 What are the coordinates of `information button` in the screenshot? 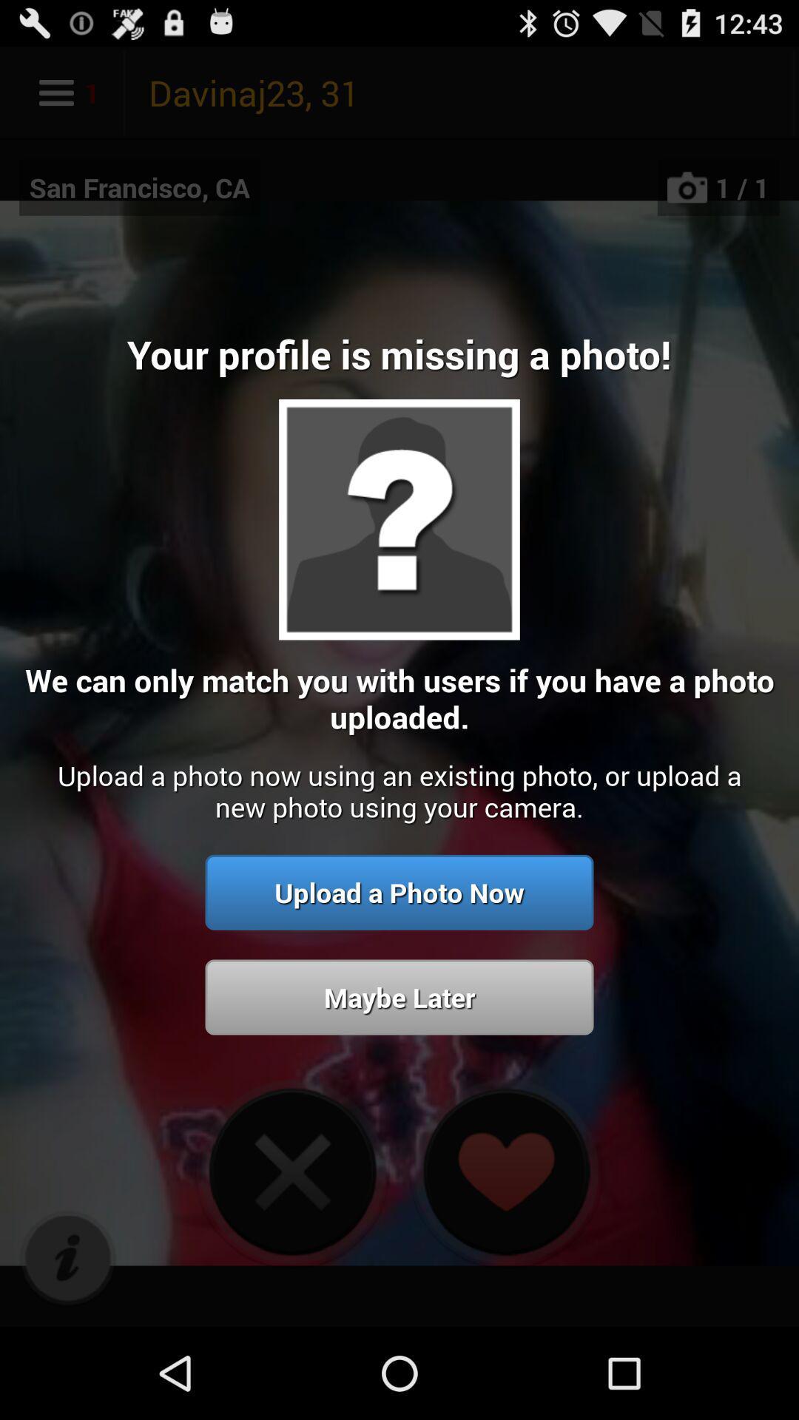 It's located at (67, 1258).